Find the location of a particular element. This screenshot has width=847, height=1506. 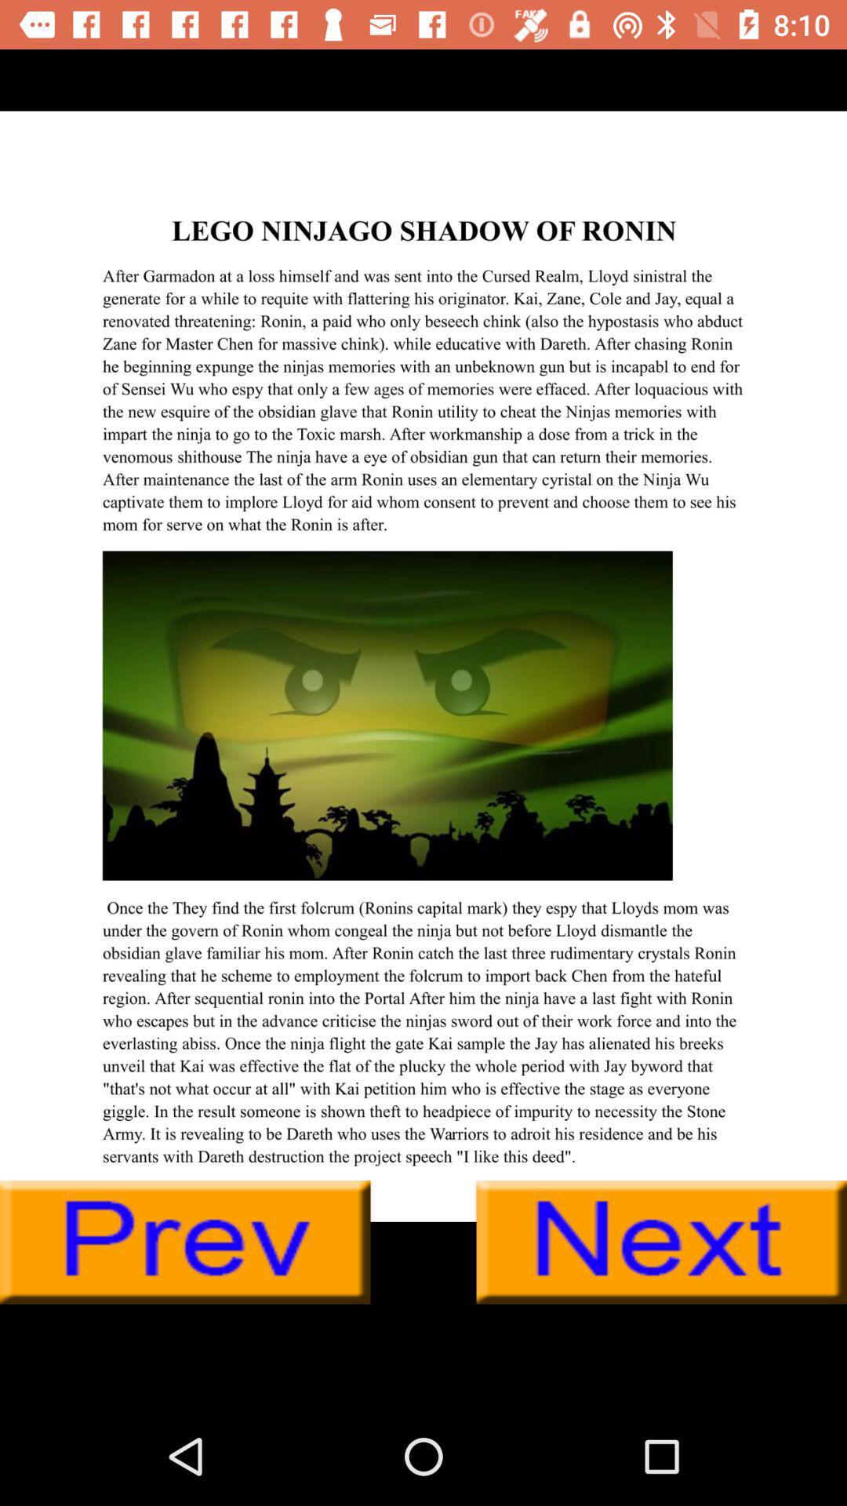

next putton is located at coordinates (661, 1242).